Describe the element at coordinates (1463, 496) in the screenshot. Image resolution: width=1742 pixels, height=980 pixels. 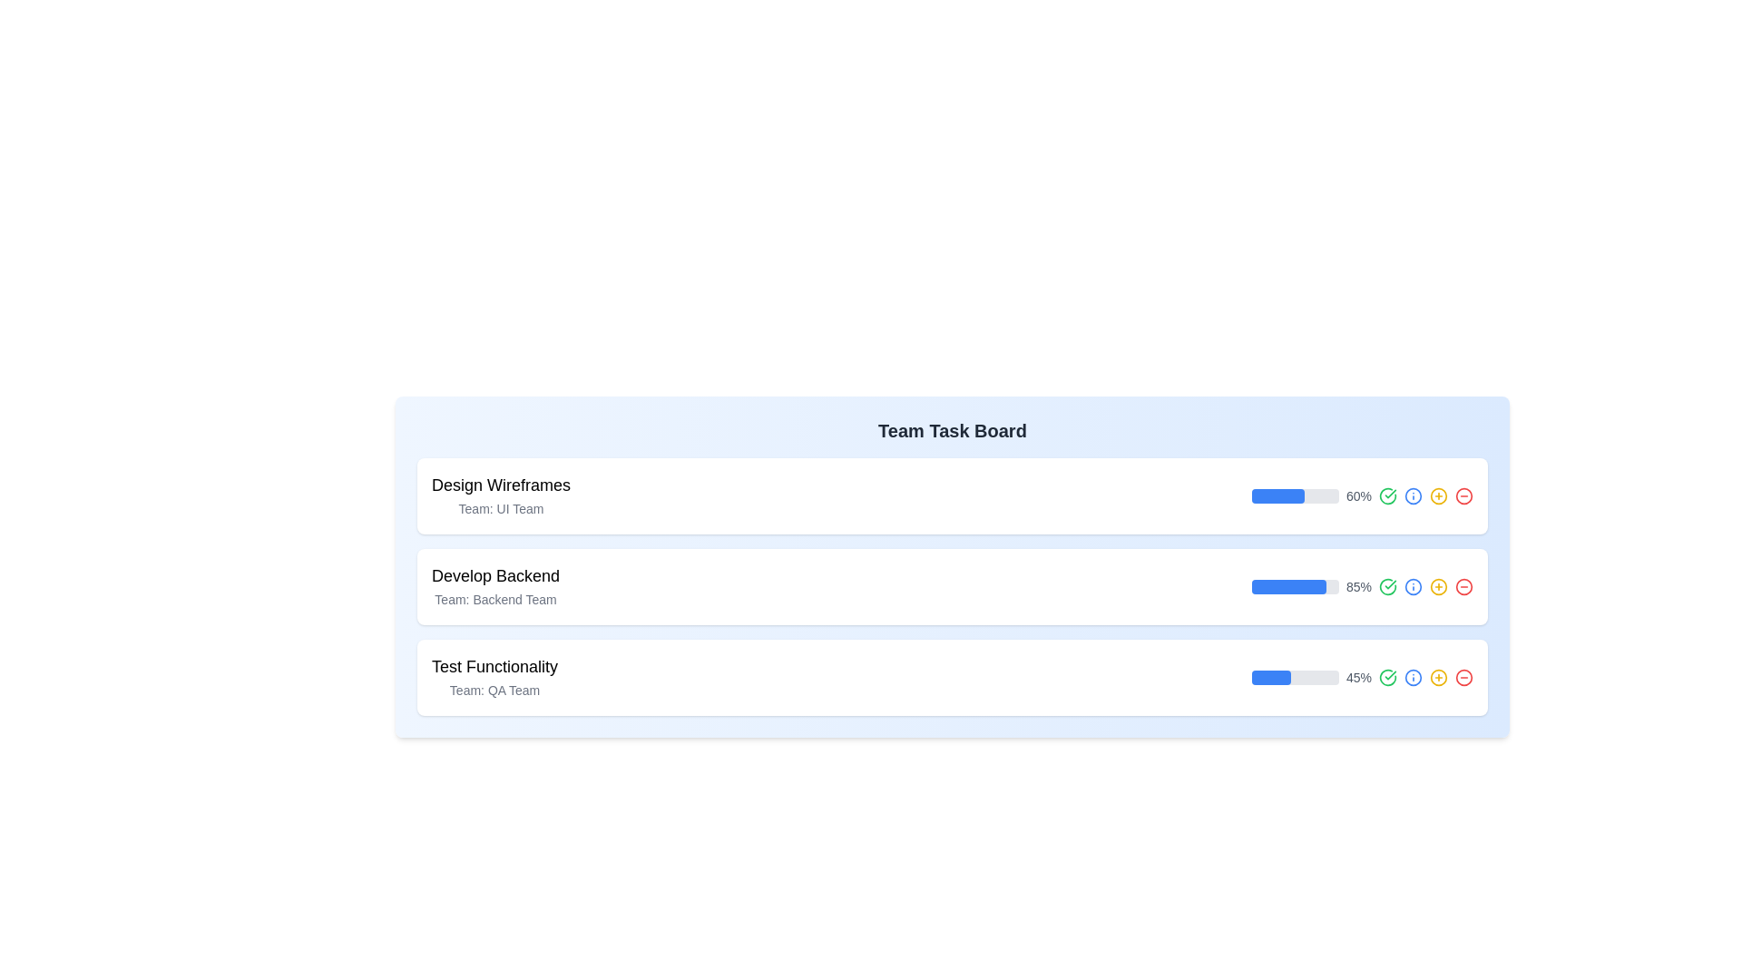
I see `the circular red outlined button with a red minus symbol` at that location.